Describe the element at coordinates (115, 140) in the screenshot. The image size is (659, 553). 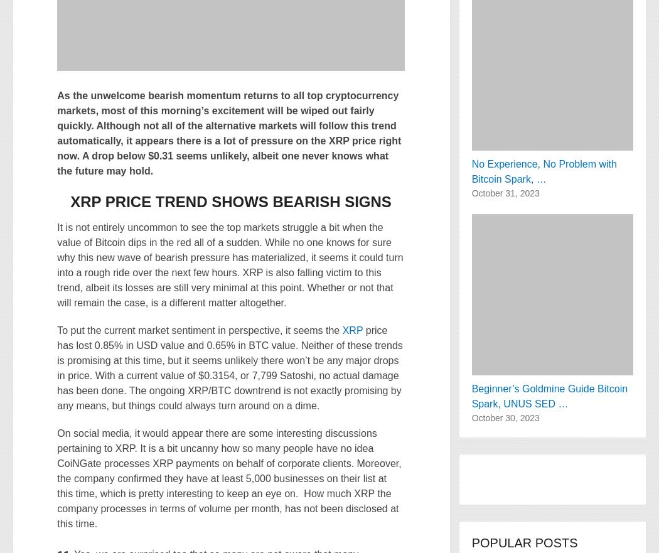
I see `'automatically, it appears'` at that location.